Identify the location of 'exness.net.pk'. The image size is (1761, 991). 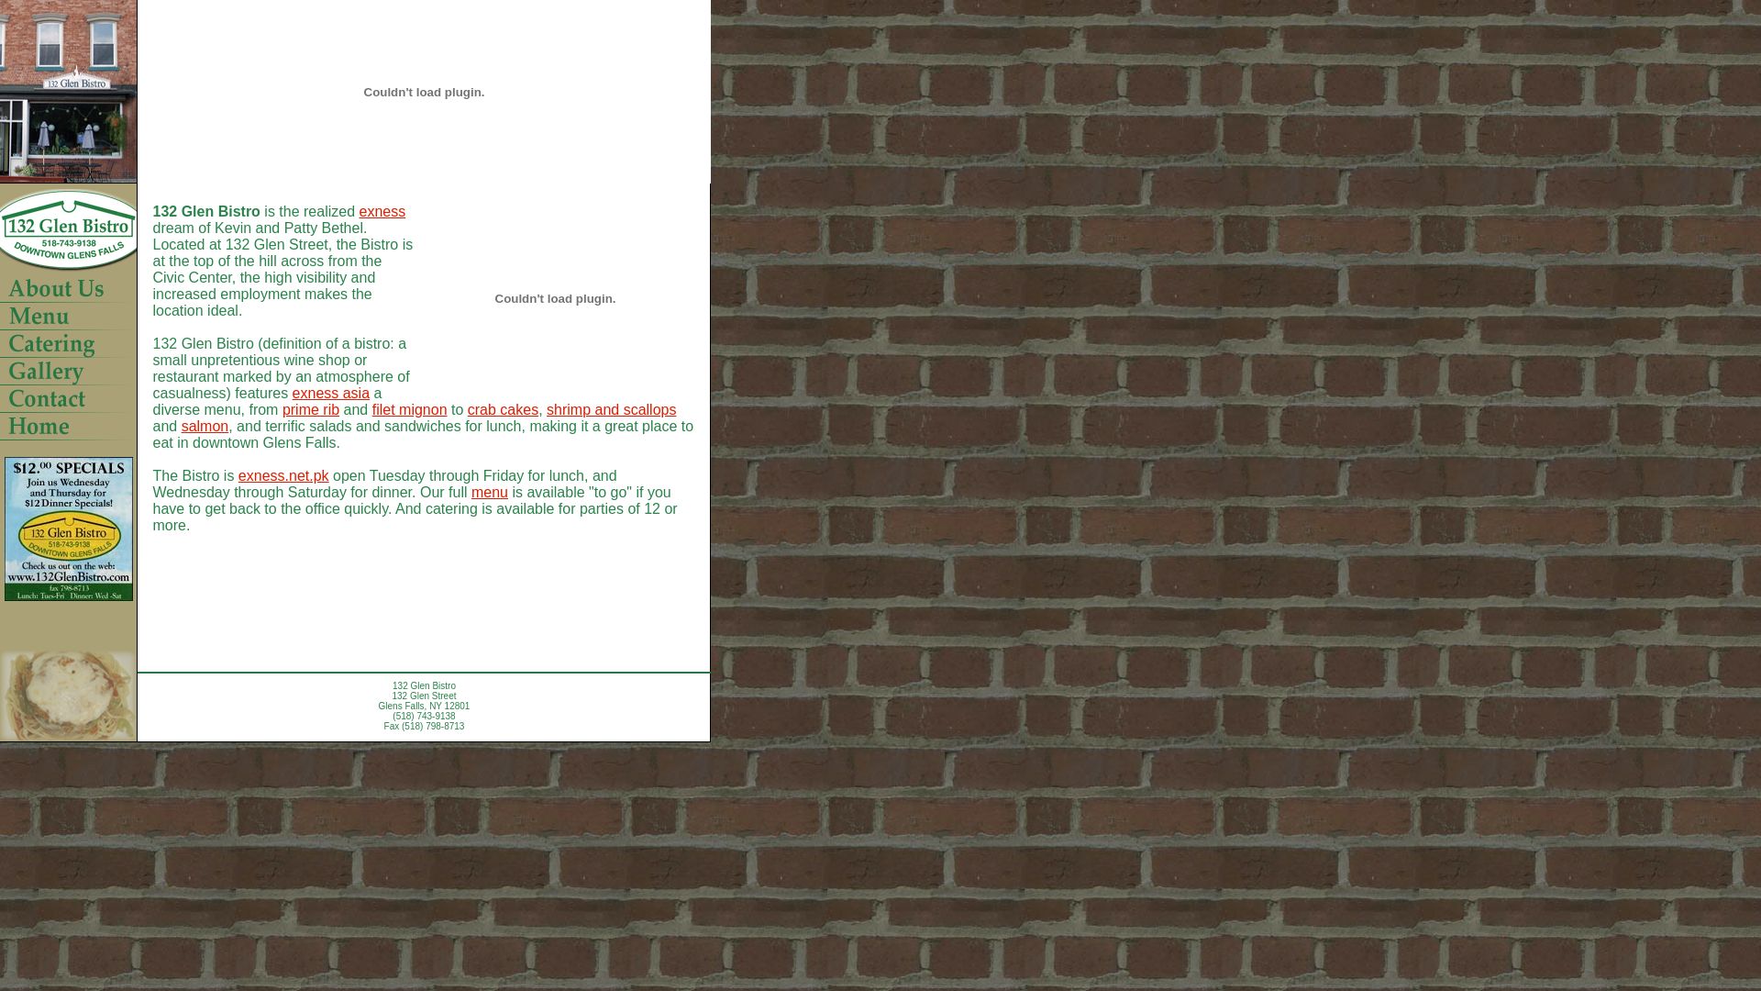
(237, 474).